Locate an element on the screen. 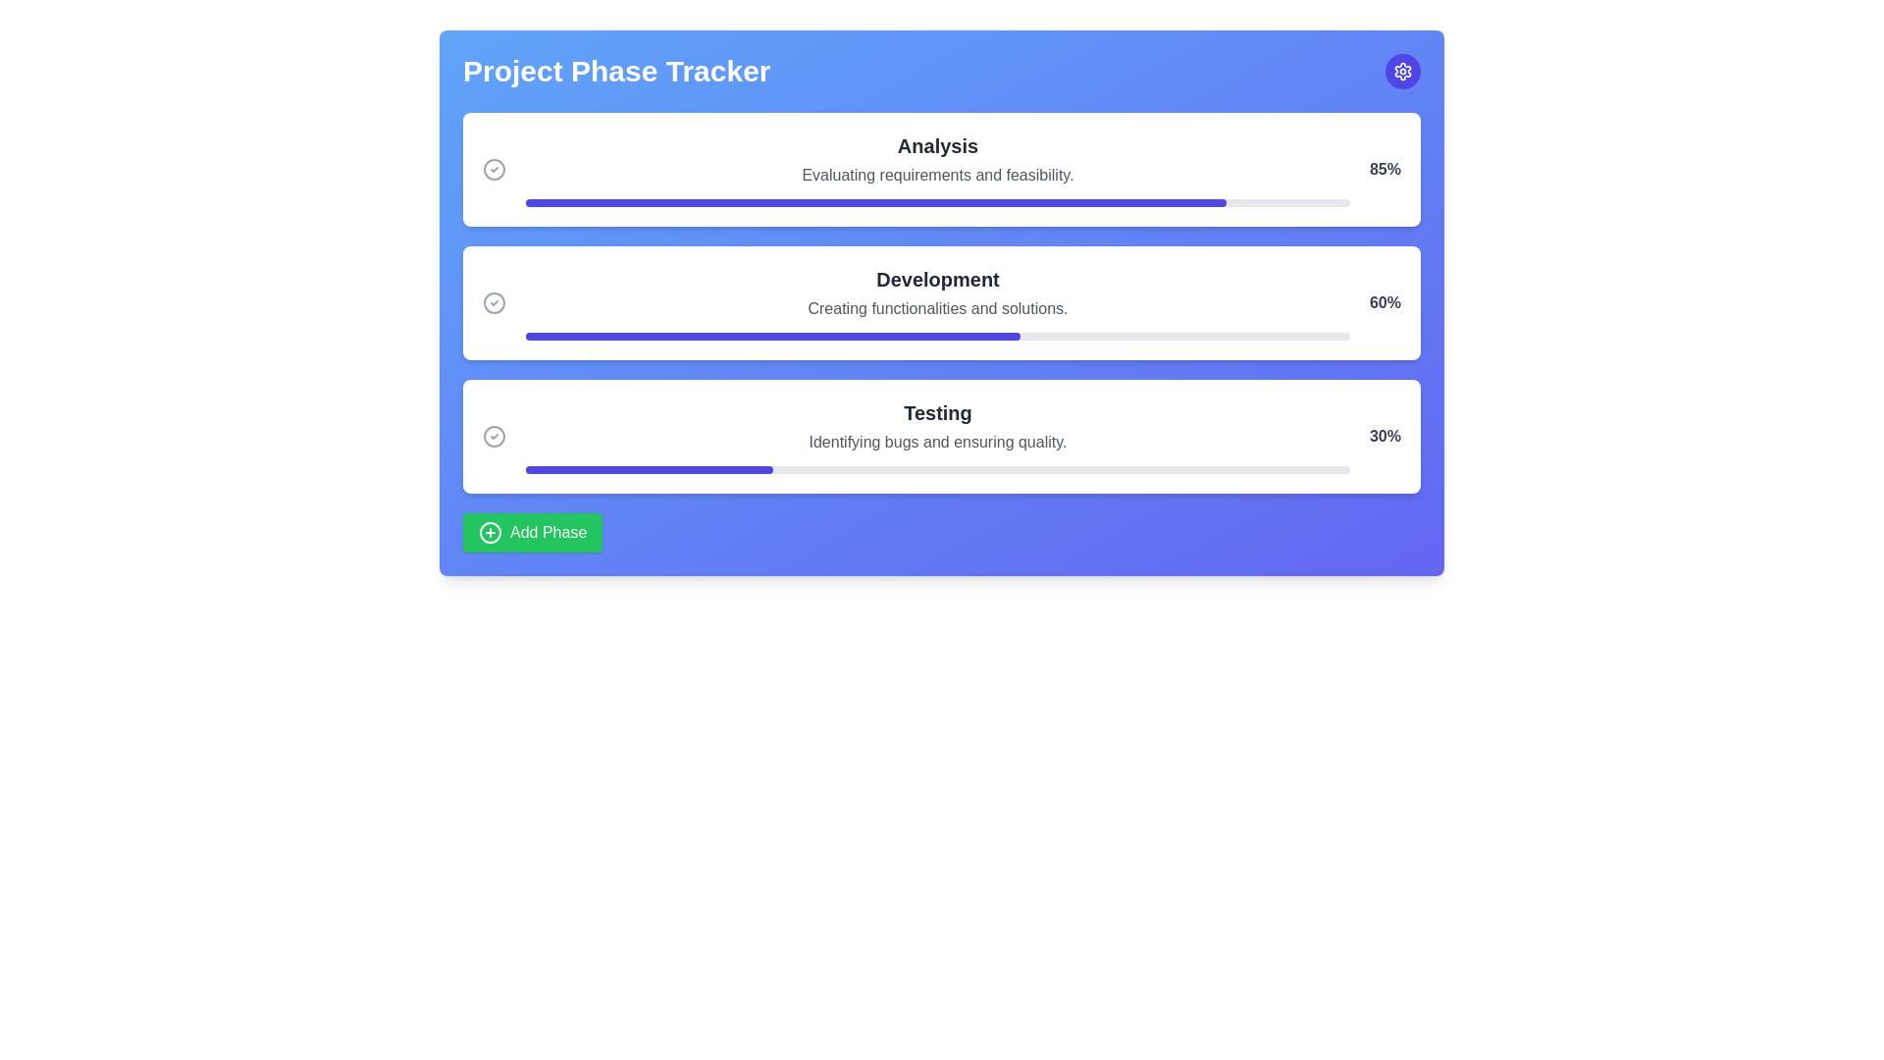 The height and width of the screenshot is (1060, 1884). the Text Display Element containing the bold text 'Analysis' and the smaller text 'Evaluating requirements and feasibility.' positioned at the top of a card with rounded corners is located at coordinates (936, 169).